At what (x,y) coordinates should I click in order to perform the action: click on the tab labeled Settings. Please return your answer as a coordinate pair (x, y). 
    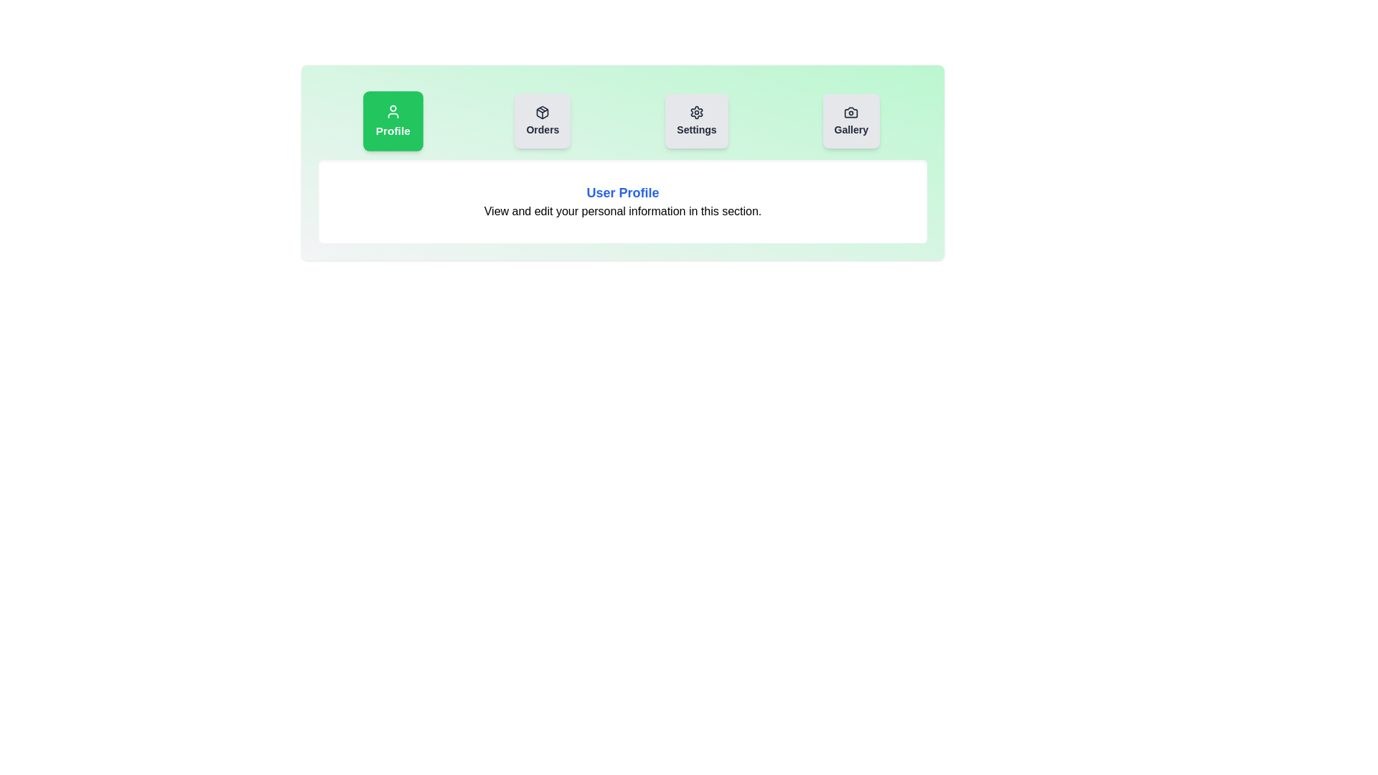
    Looking at the image, I should click on (696, 121).